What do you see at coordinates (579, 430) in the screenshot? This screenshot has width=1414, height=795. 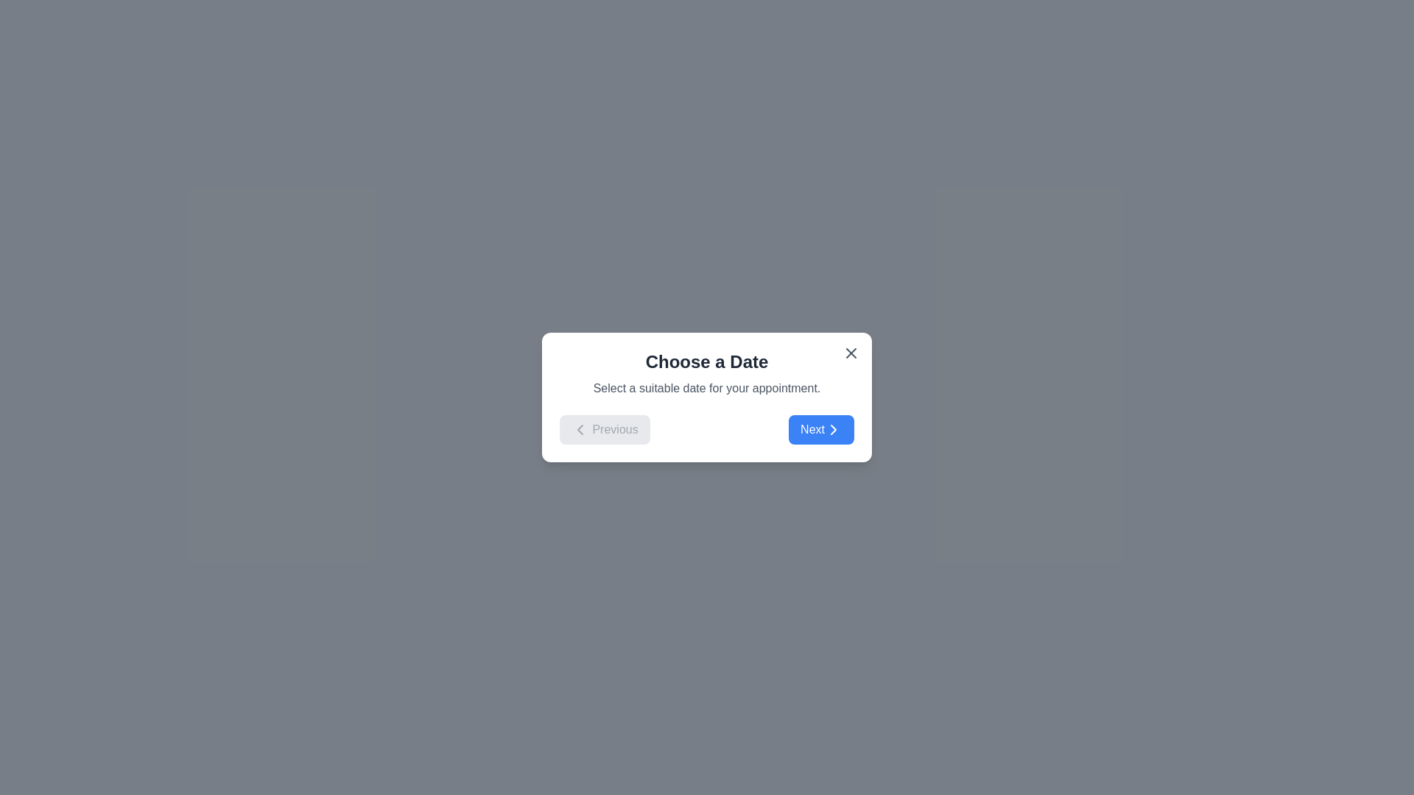 I see `the icon located within the 'Previous' button in the lower-left corner of the 'Choose a Date' modal, which indicates a back-navigation action` at bounding box center [579, 430].